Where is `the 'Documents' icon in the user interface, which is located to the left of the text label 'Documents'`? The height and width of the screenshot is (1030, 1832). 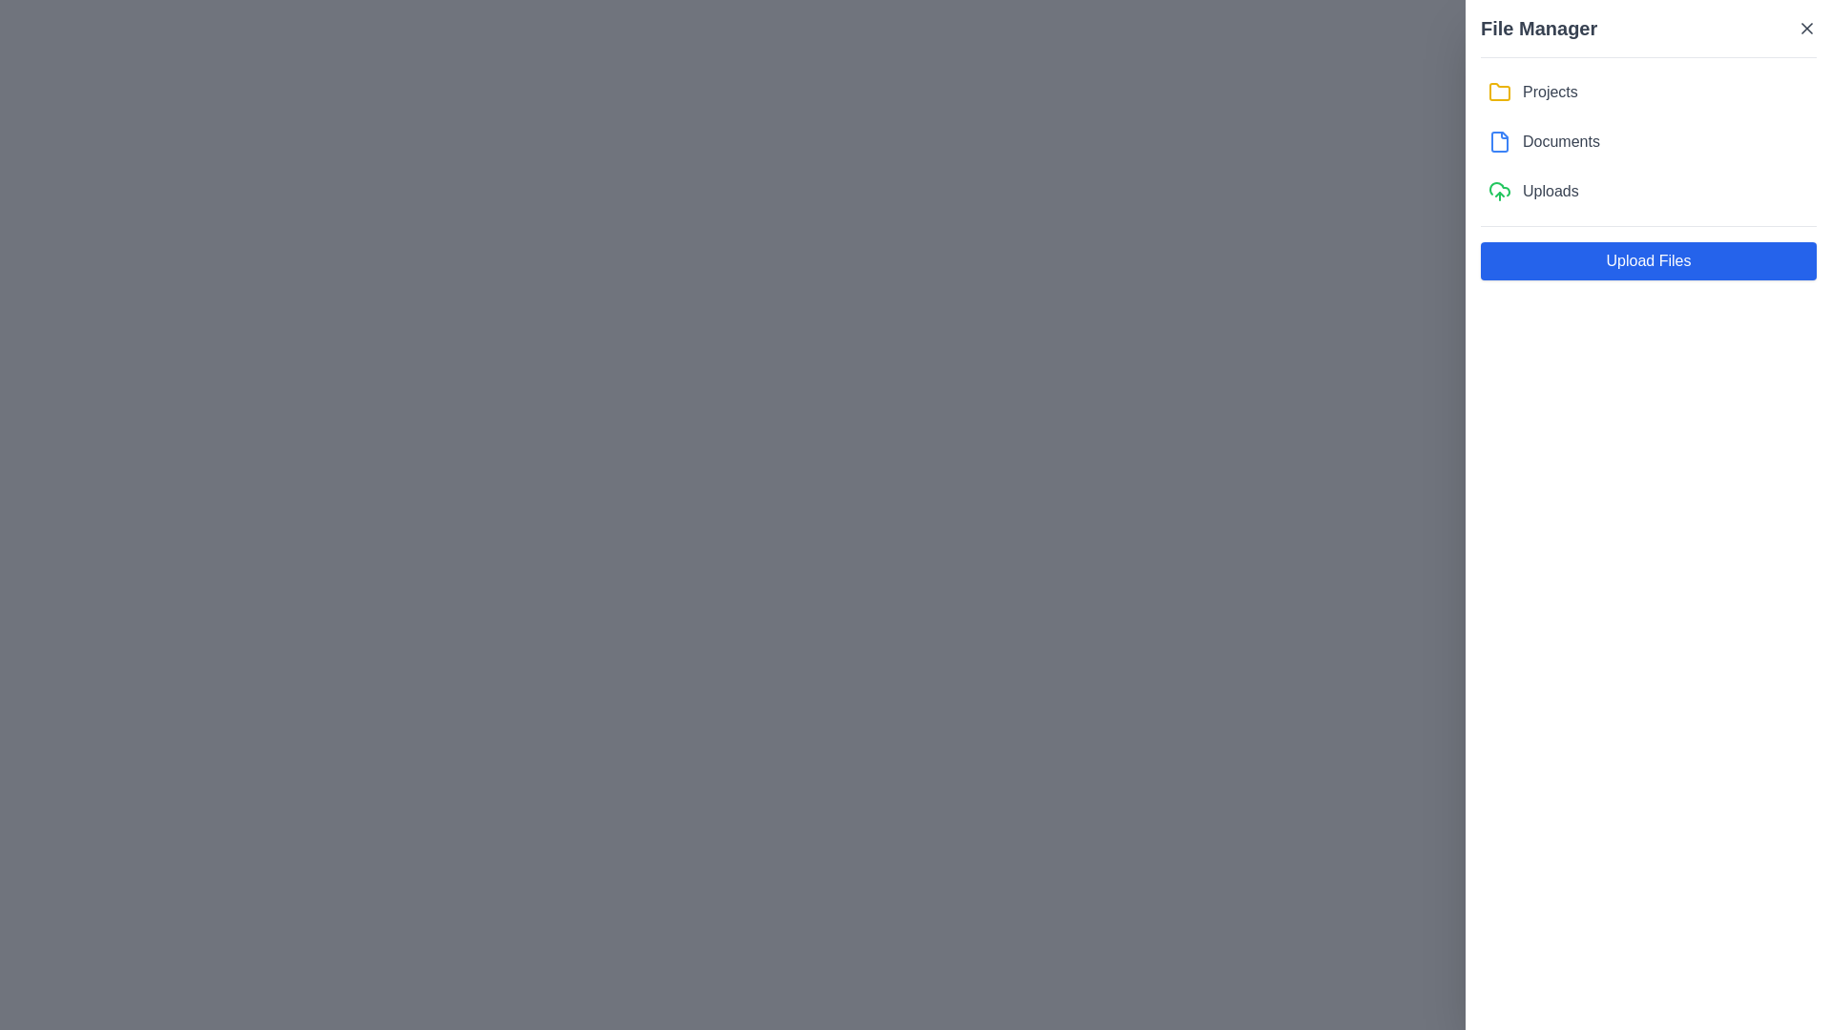 the 'Documents' icon in the user interface, which is located to the left of the text label 'Documents' is located at coordinates (1498, 141).